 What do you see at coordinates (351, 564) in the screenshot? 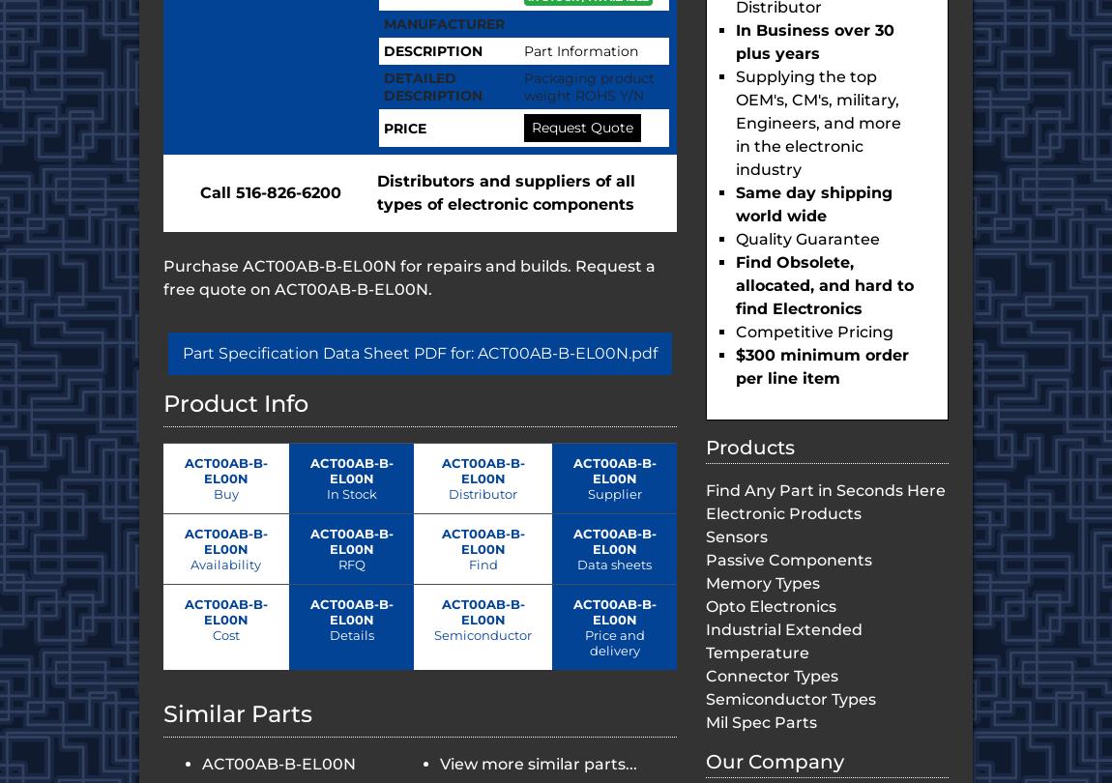
I see `'RFQ'` at bounding box center [351, 564].